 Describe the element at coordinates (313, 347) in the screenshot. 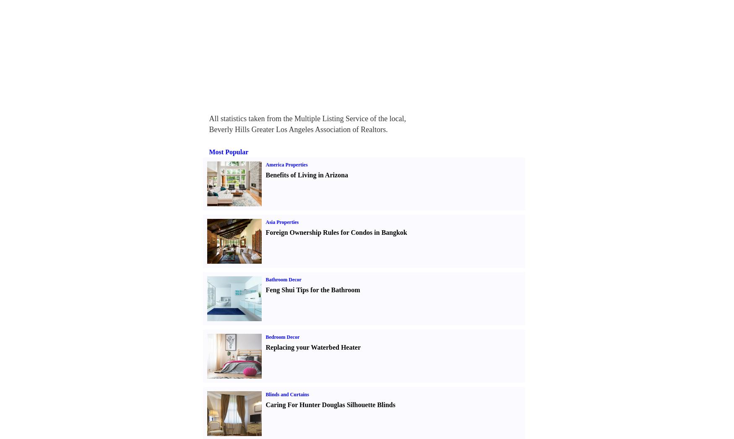

I see `'Replacing your Waterbed Heater'` at that location.